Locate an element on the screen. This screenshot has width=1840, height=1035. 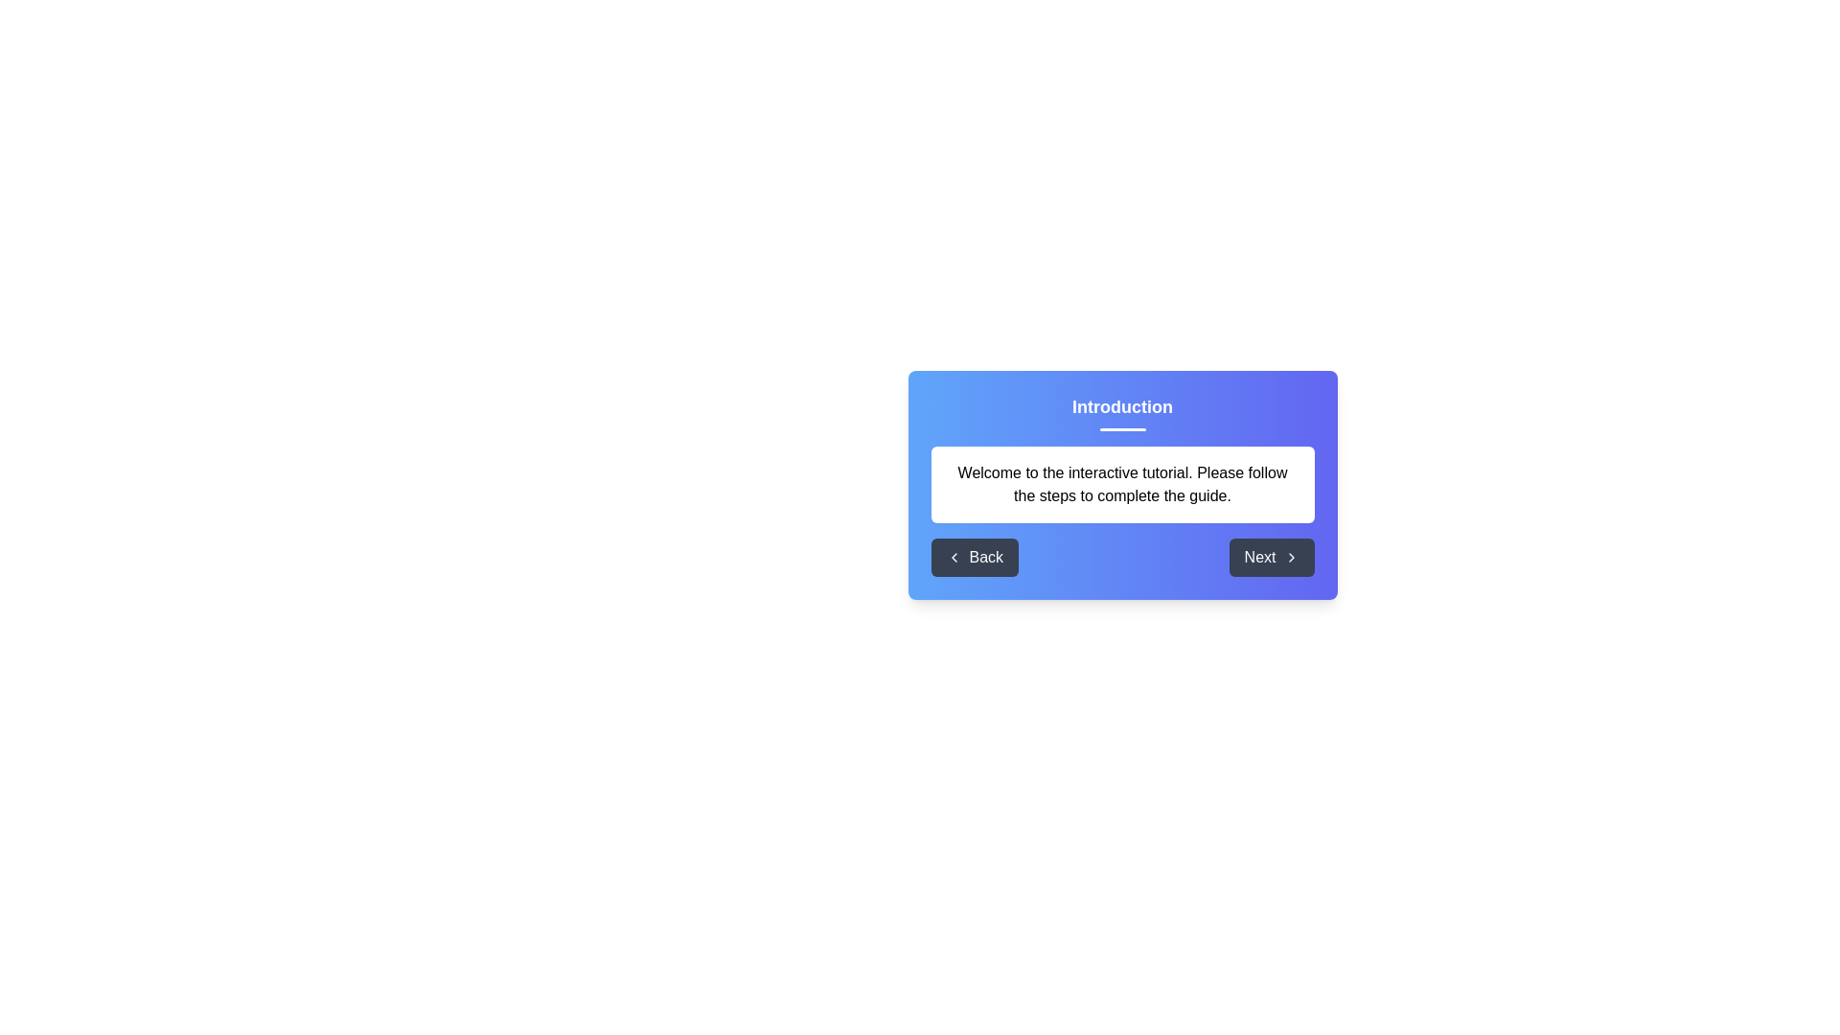
text content from the header element that displays 'Introduction', which is styled in bold and large font at the top-center of the dialog box is located at coordinates (1122, 405).